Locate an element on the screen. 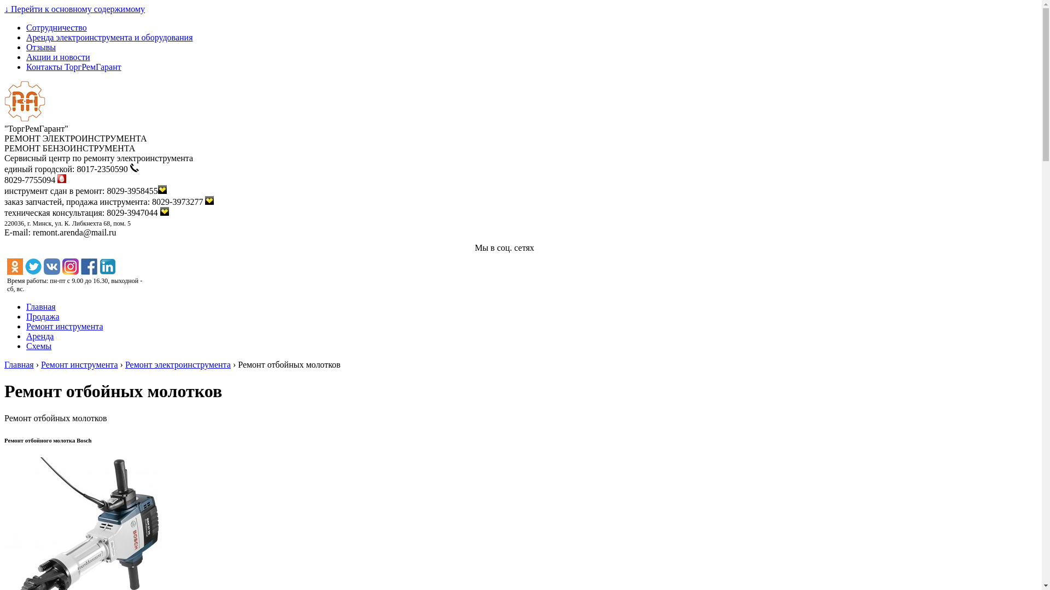 The image size is (1050, 590). 'linkedin' is located at coordinates (107, 267).